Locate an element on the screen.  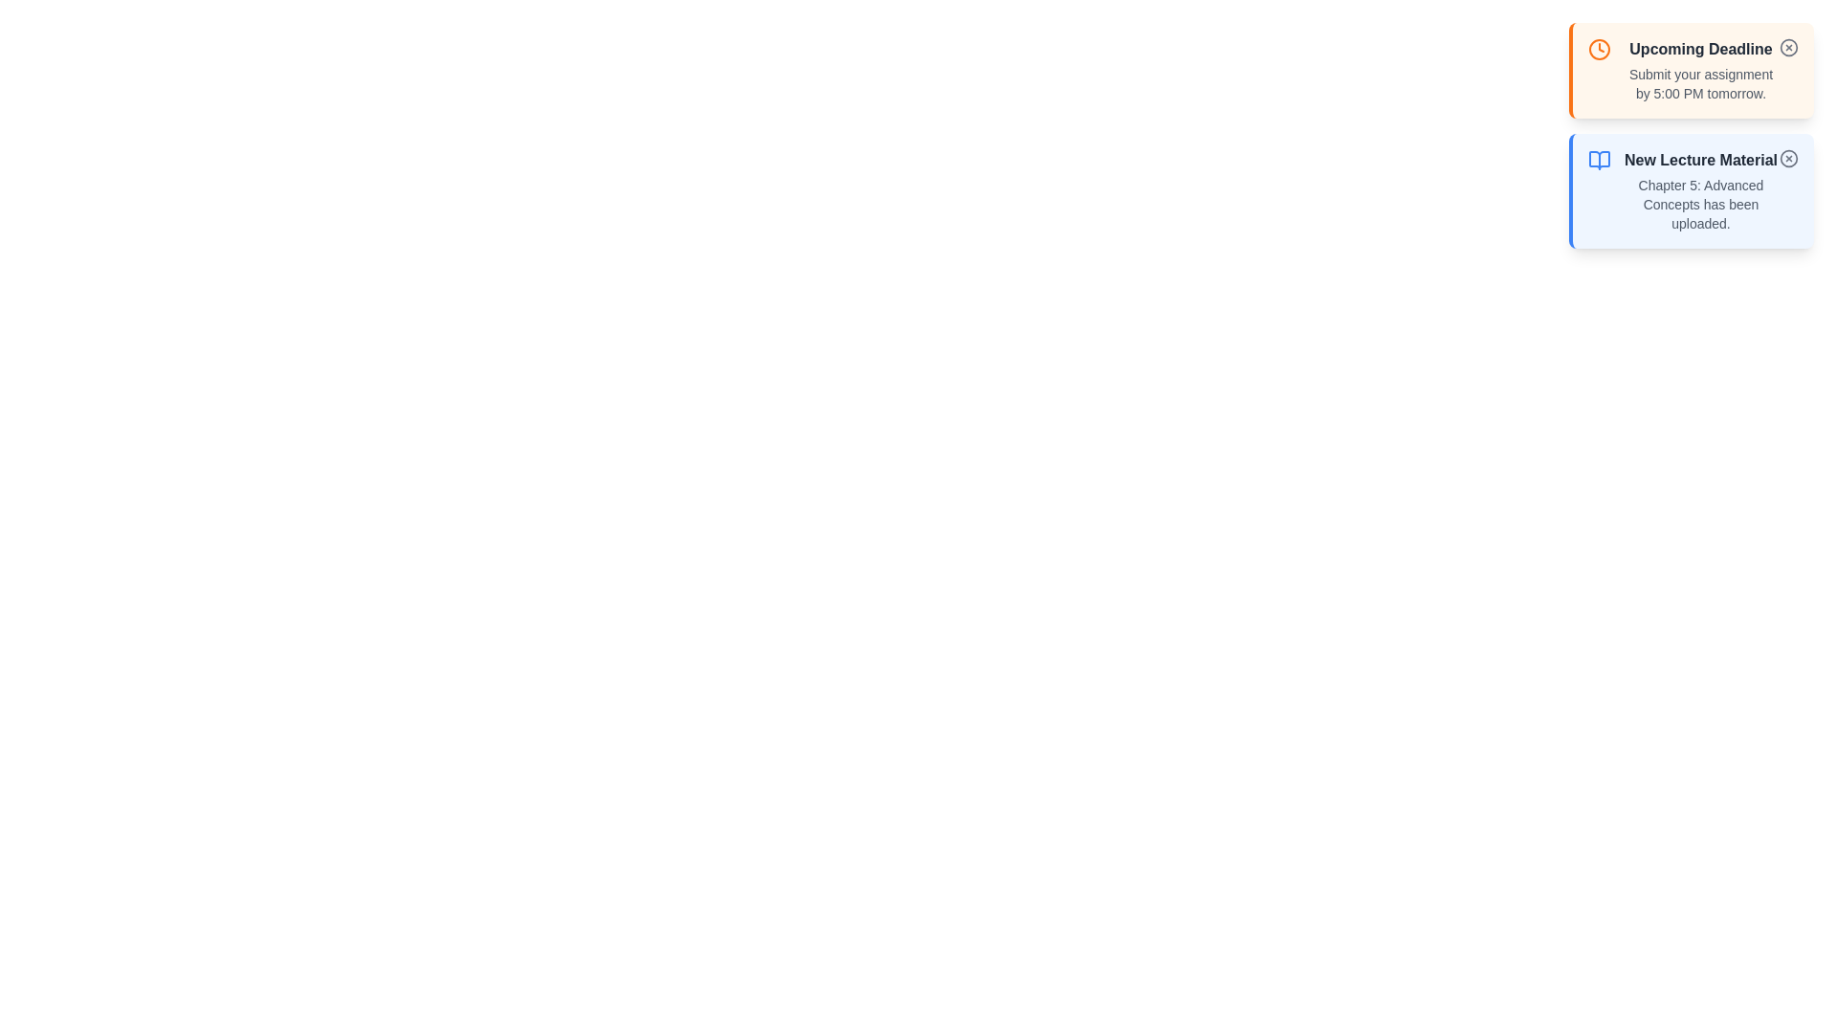
the dismiss button of the notification with title New Lecture Material is located at coordinates (1788, 157).